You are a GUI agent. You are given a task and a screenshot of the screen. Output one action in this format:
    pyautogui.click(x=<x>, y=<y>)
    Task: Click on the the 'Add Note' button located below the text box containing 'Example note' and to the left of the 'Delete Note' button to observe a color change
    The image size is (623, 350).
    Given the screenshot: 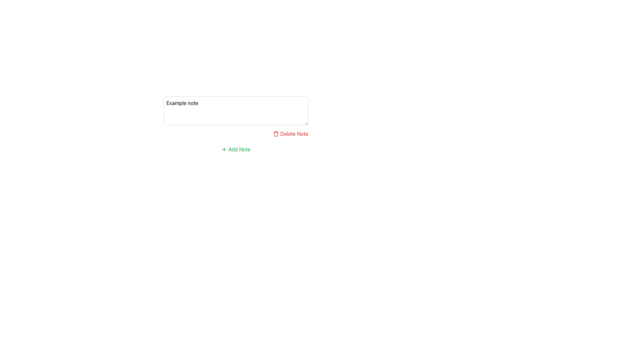 What is the action you would take?
    pyautogui.click(x=235, y=149)
    